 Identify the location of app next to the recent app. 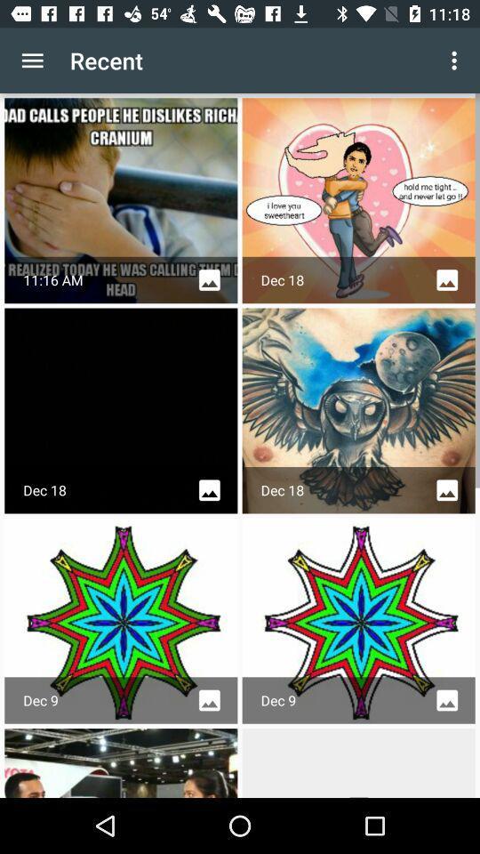
(32, 60).